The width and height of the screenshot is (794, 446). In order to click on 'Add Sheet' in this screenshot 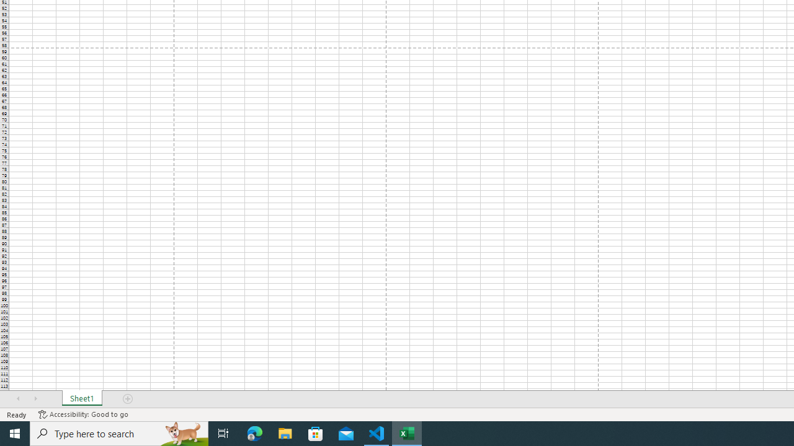, I will do `click(128, 399)`.